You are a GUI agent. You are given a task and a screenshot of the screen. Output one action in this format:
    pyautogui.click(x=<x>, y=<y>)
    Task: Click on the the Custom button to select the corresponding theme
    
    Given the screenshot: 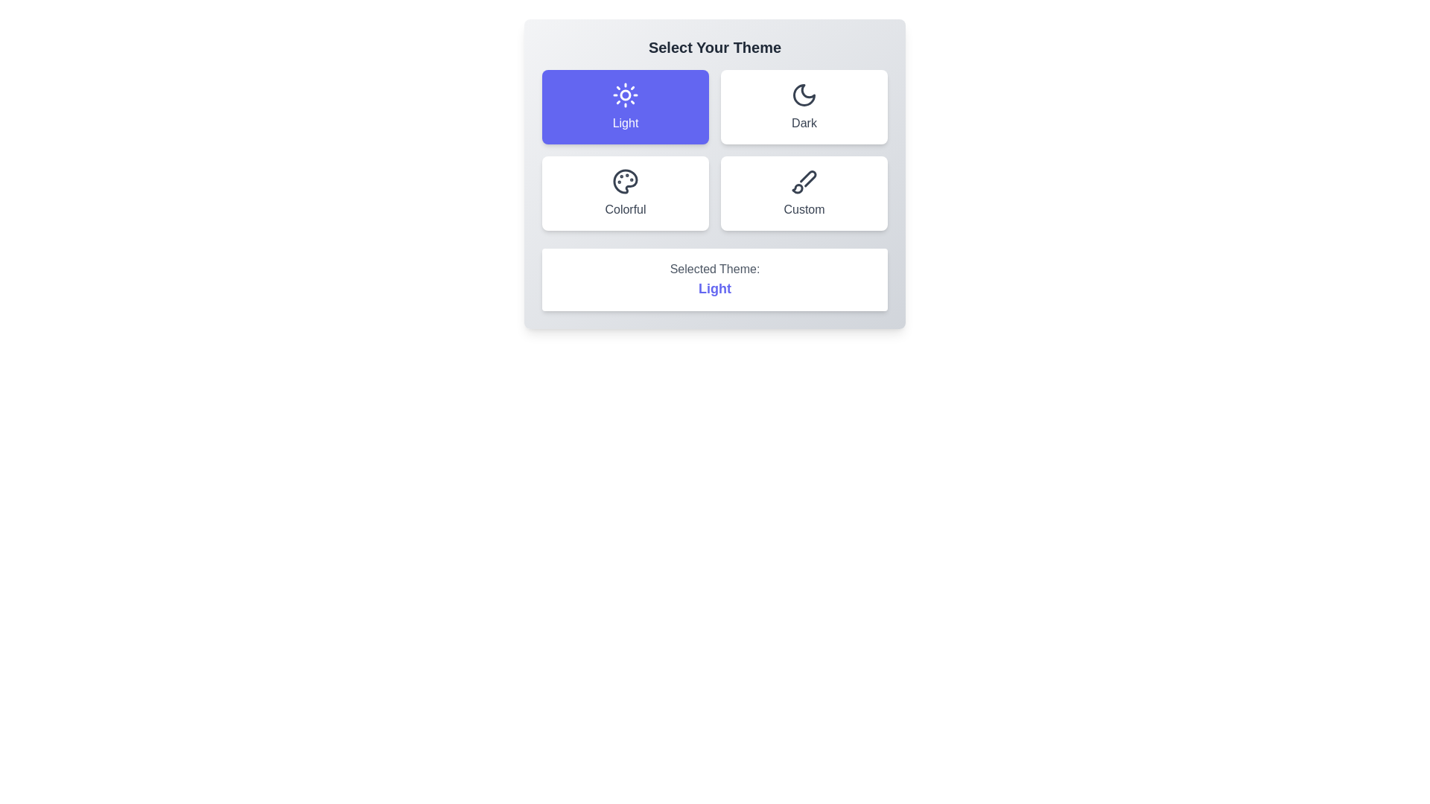 What is the action you would take?
    pyautogui.click(x=804, y=192)
    